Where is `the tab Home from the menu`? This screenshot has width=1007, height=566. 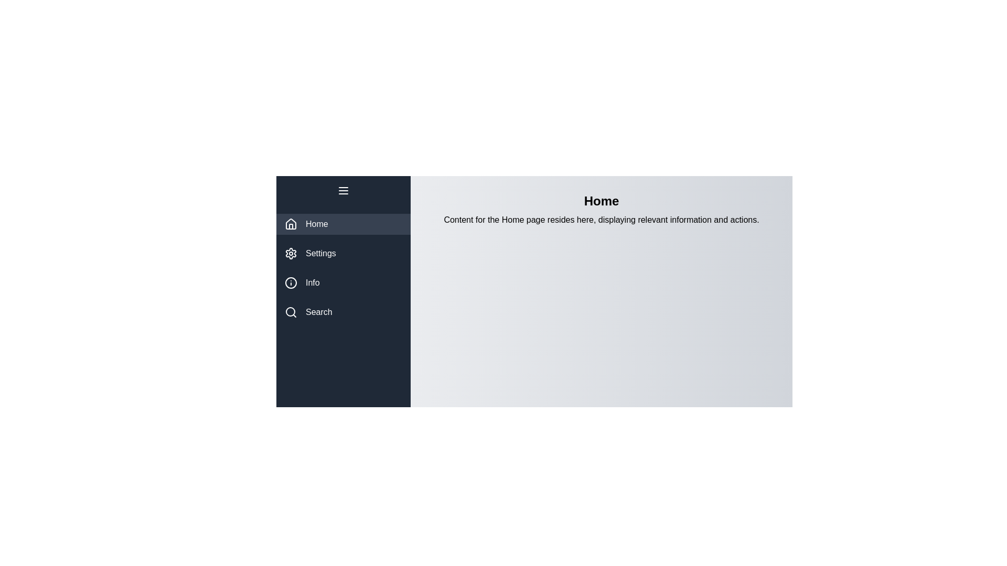
the tab Home from the menu is located at coordinates (343, 224).